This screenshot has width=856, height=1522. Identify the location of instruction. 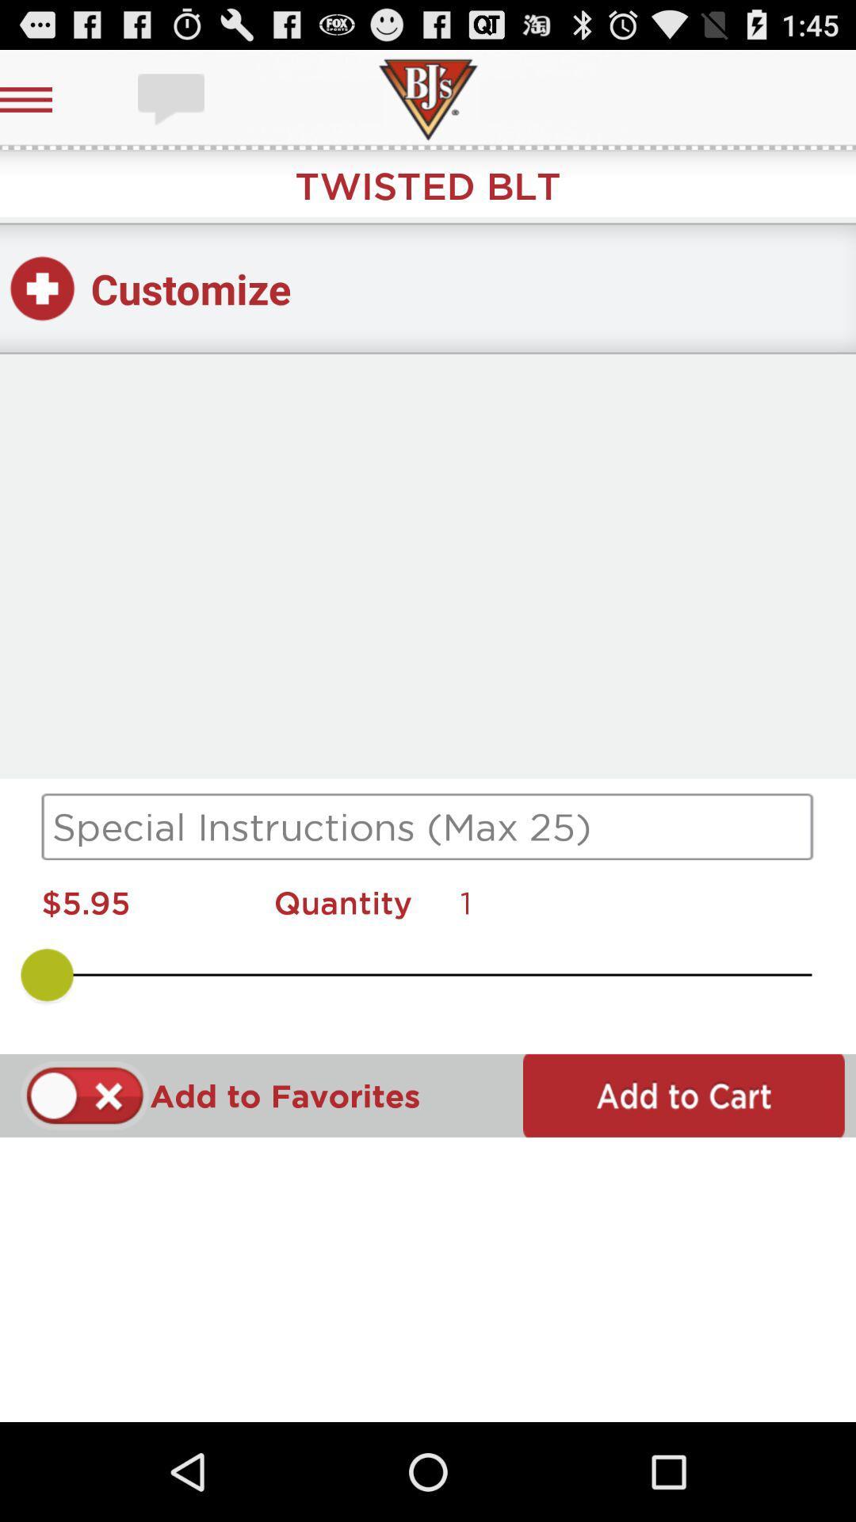
(428, 826).